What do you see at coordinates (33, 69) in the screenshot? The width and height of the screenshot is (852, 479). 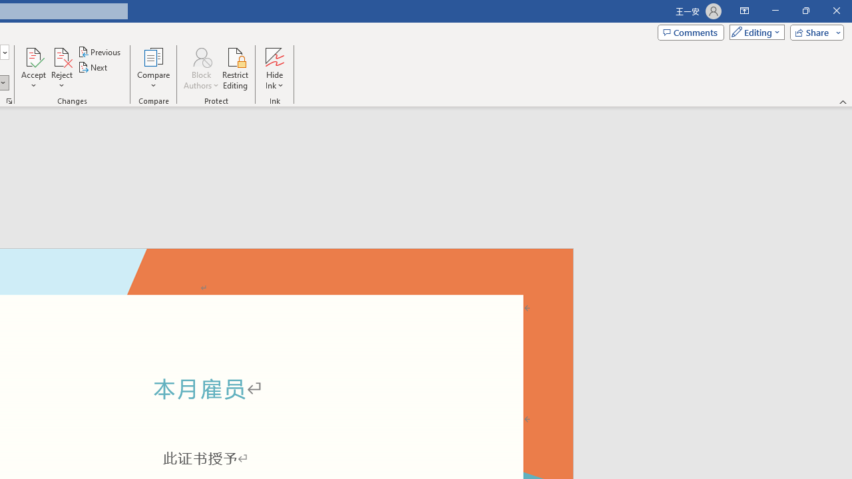 I see `'Accept'` at bounding box center [33, 69].